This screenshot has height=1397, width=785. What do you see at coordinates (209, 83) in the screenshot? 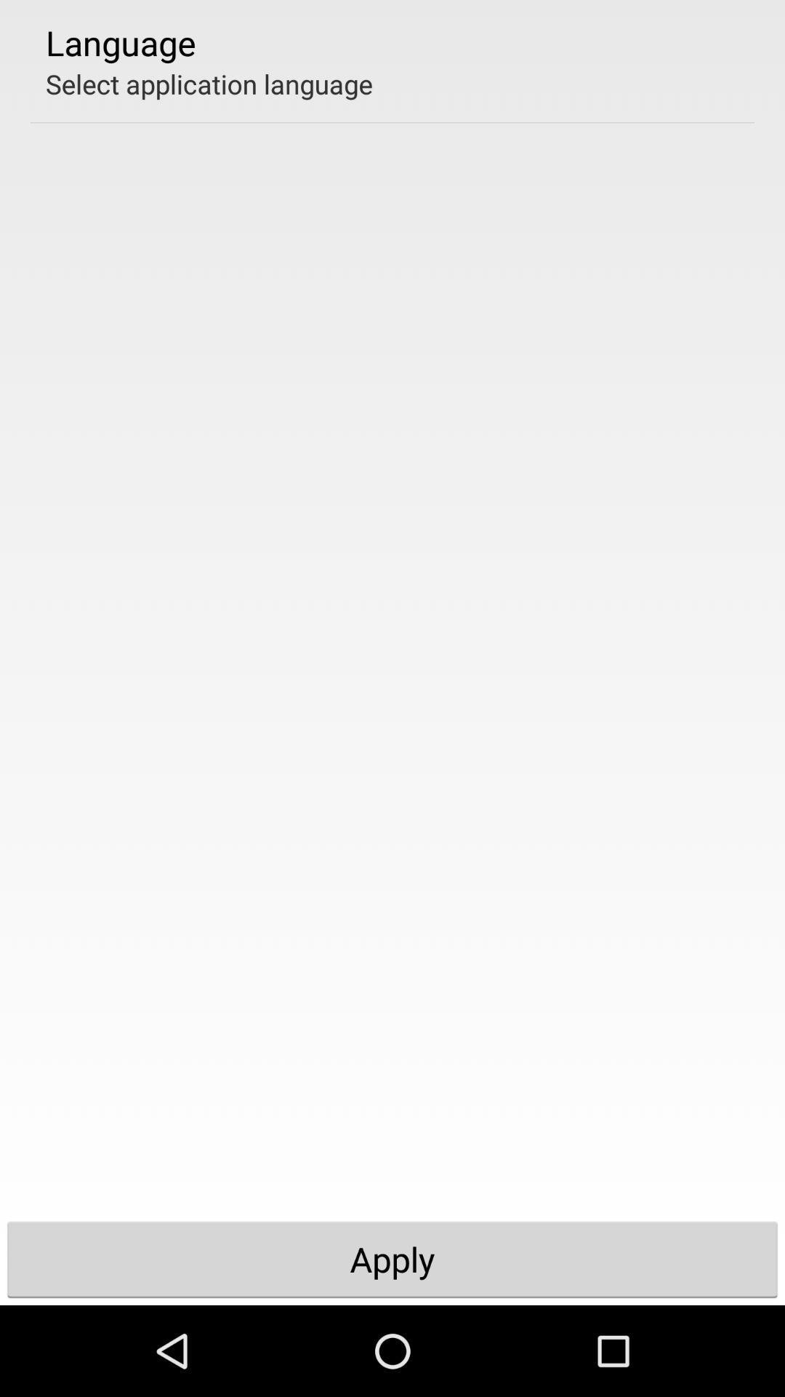
I see `select application language` at bounding box center [209, 83].